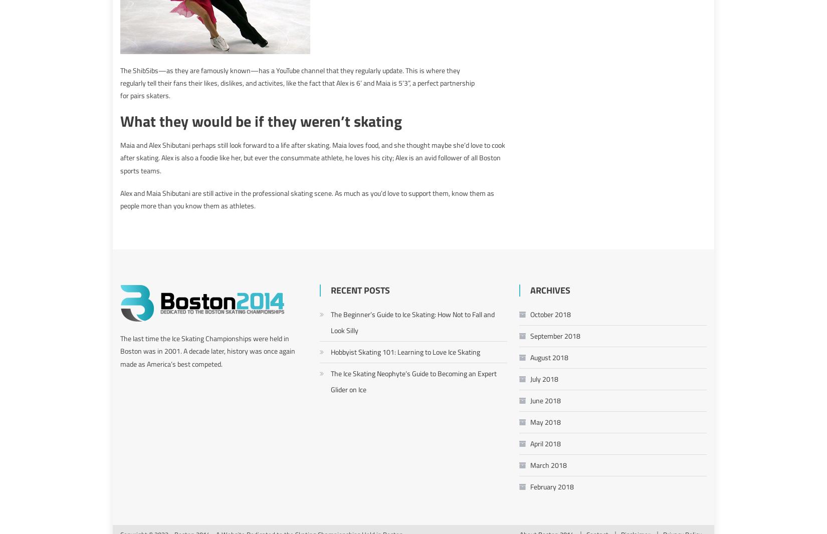 Image resolution: width=827 pixels, height=534 pixels. I want to click on 'July 2018', so click(544, 378).